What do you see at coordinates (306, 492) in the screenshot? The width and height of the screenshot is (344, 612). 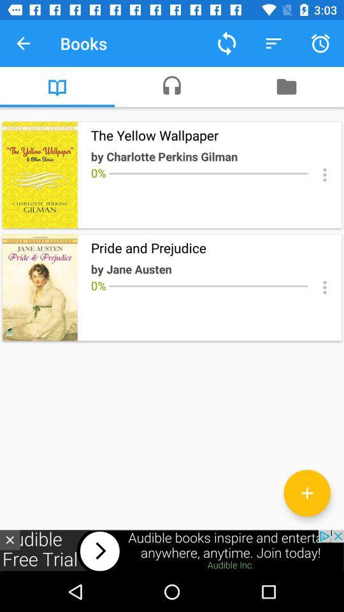 I see `another book` at bounding box center [306, 492].